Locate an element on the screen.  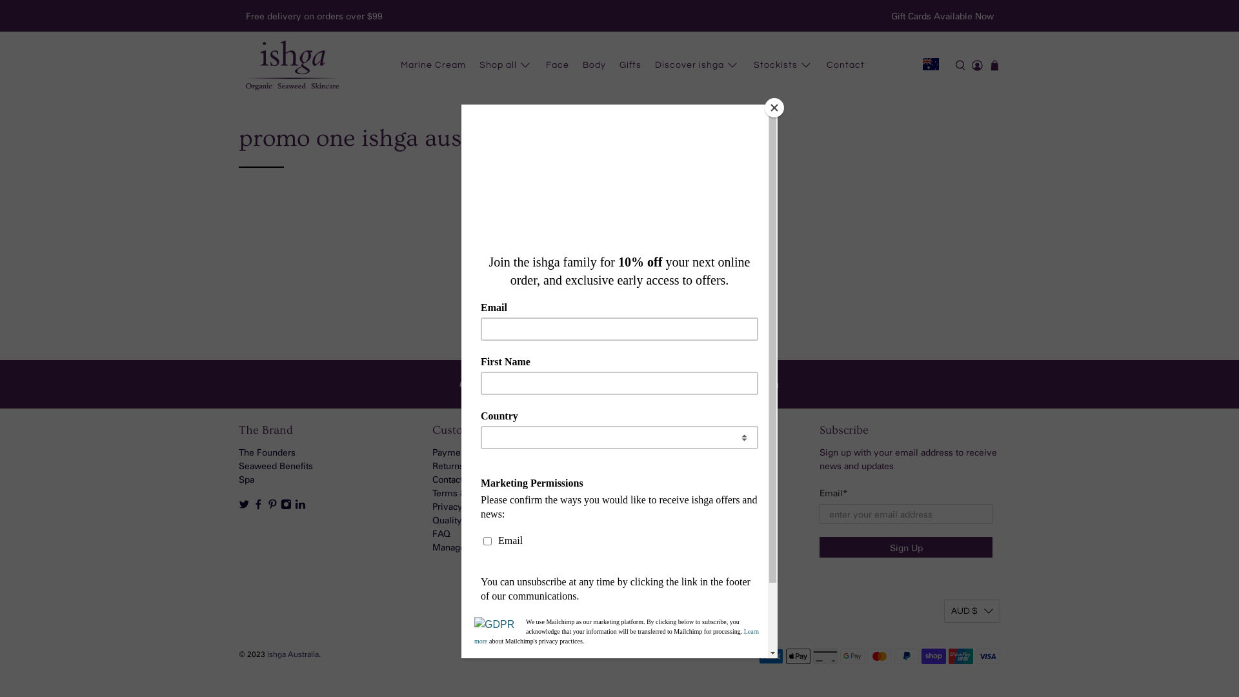
'Terms & Conditions' is located at coordinates (432, 492).